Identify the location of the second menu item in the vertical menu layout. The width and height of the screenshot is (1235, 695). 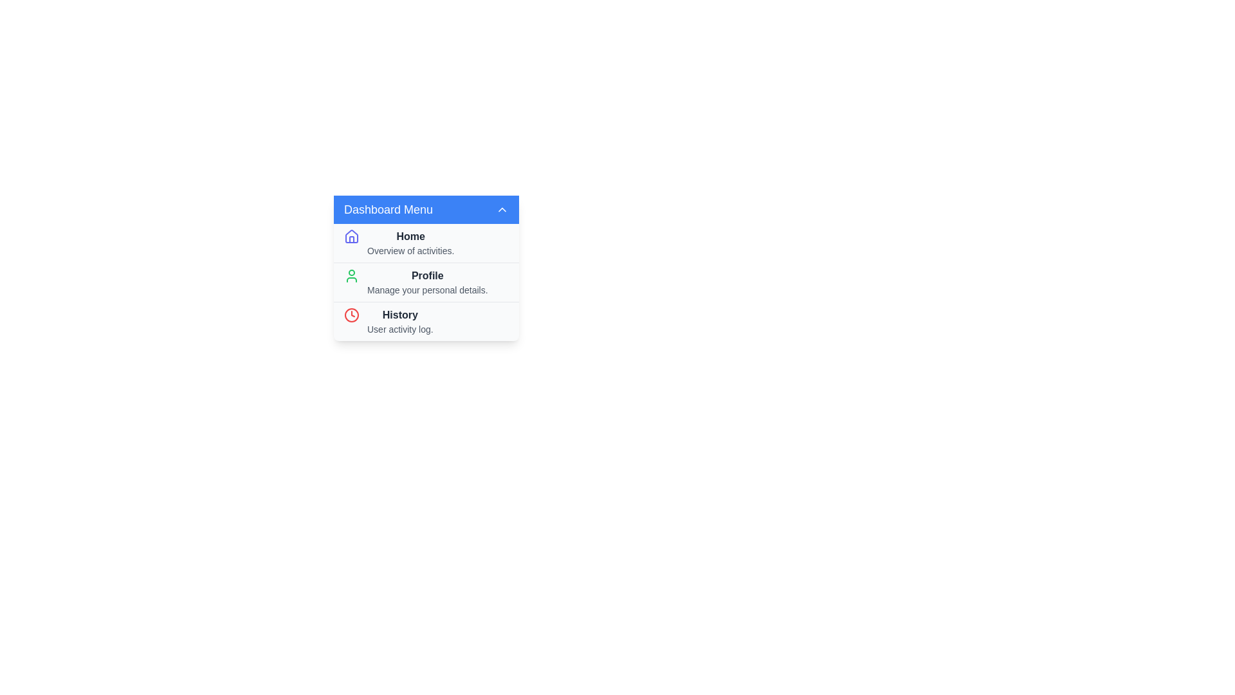
(426, 267).